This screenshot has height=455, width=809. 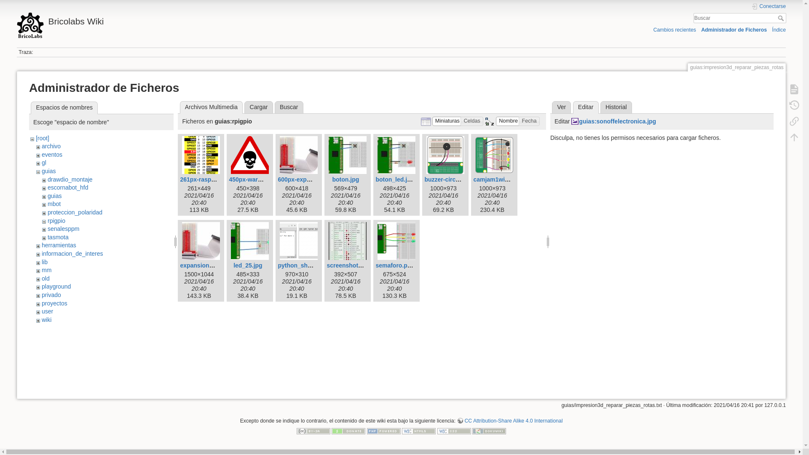 What do you see at coordinates (346, 179) in the screenshot?
I see `'boton.jpg'` at bounding box center [346, 179].